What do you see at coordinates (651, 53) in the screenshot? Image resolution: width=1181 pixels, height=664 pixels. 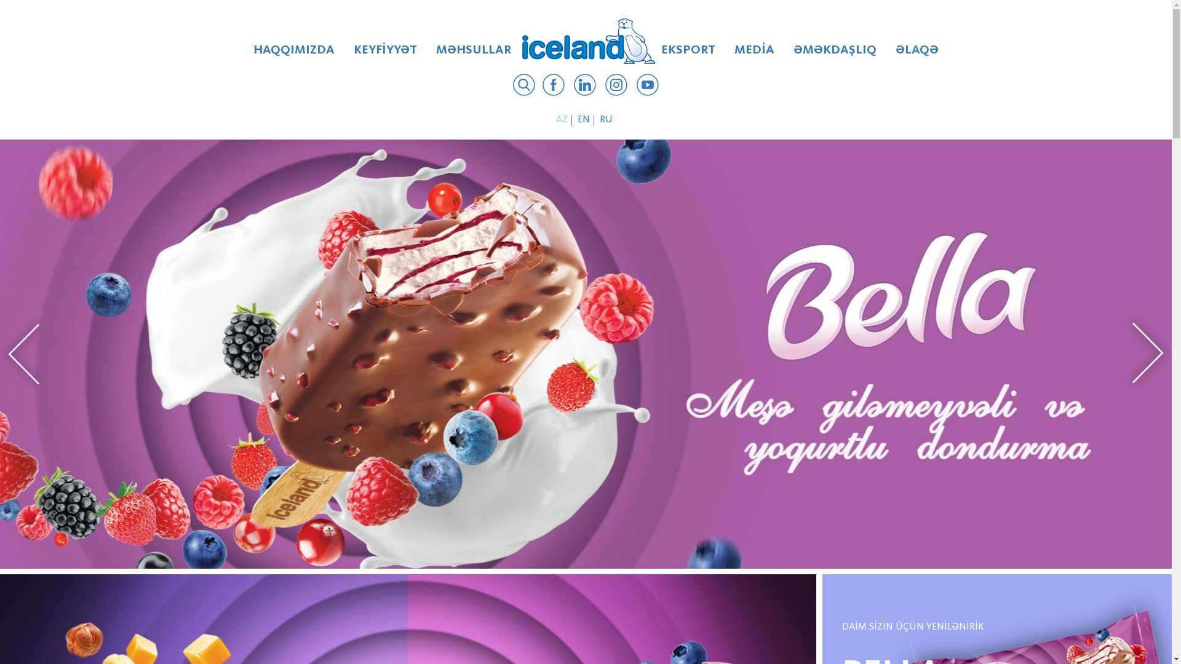 I see `'EKSPORT'` at bounding box center [651, 53].